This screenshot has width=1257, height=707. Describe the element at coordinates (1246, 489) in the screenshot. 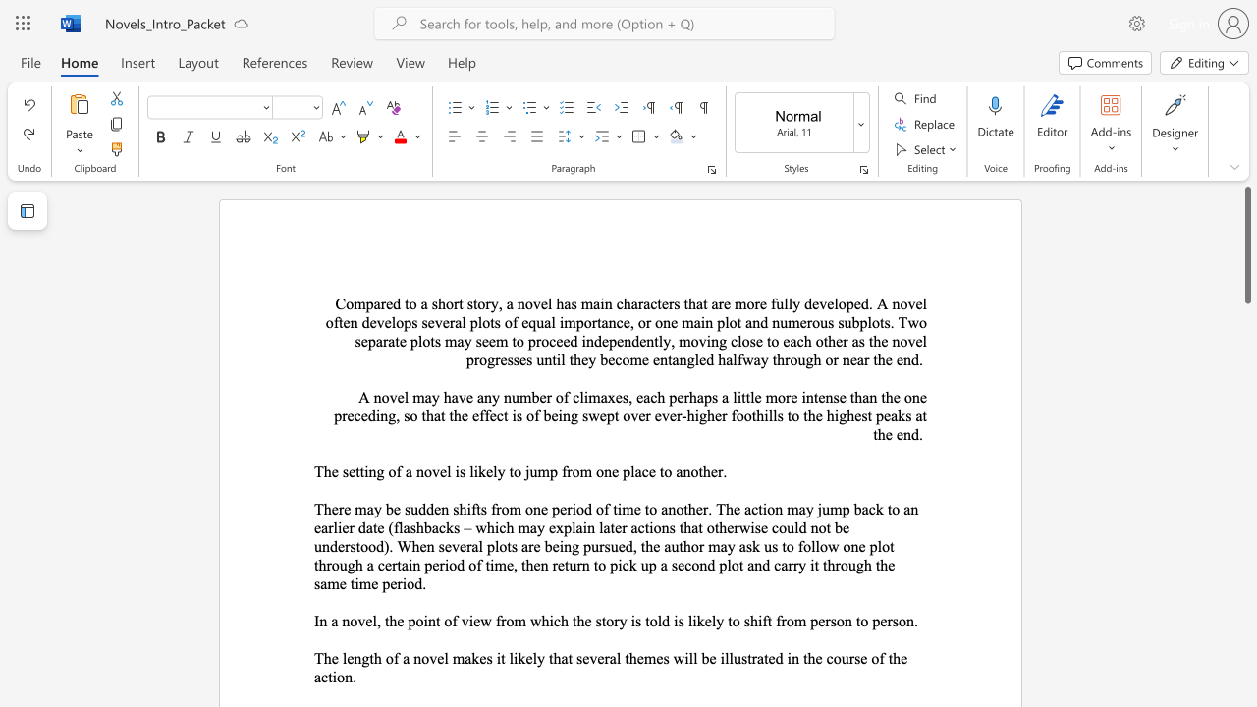

I see `the scrollbar to scroll the page down` at that location.